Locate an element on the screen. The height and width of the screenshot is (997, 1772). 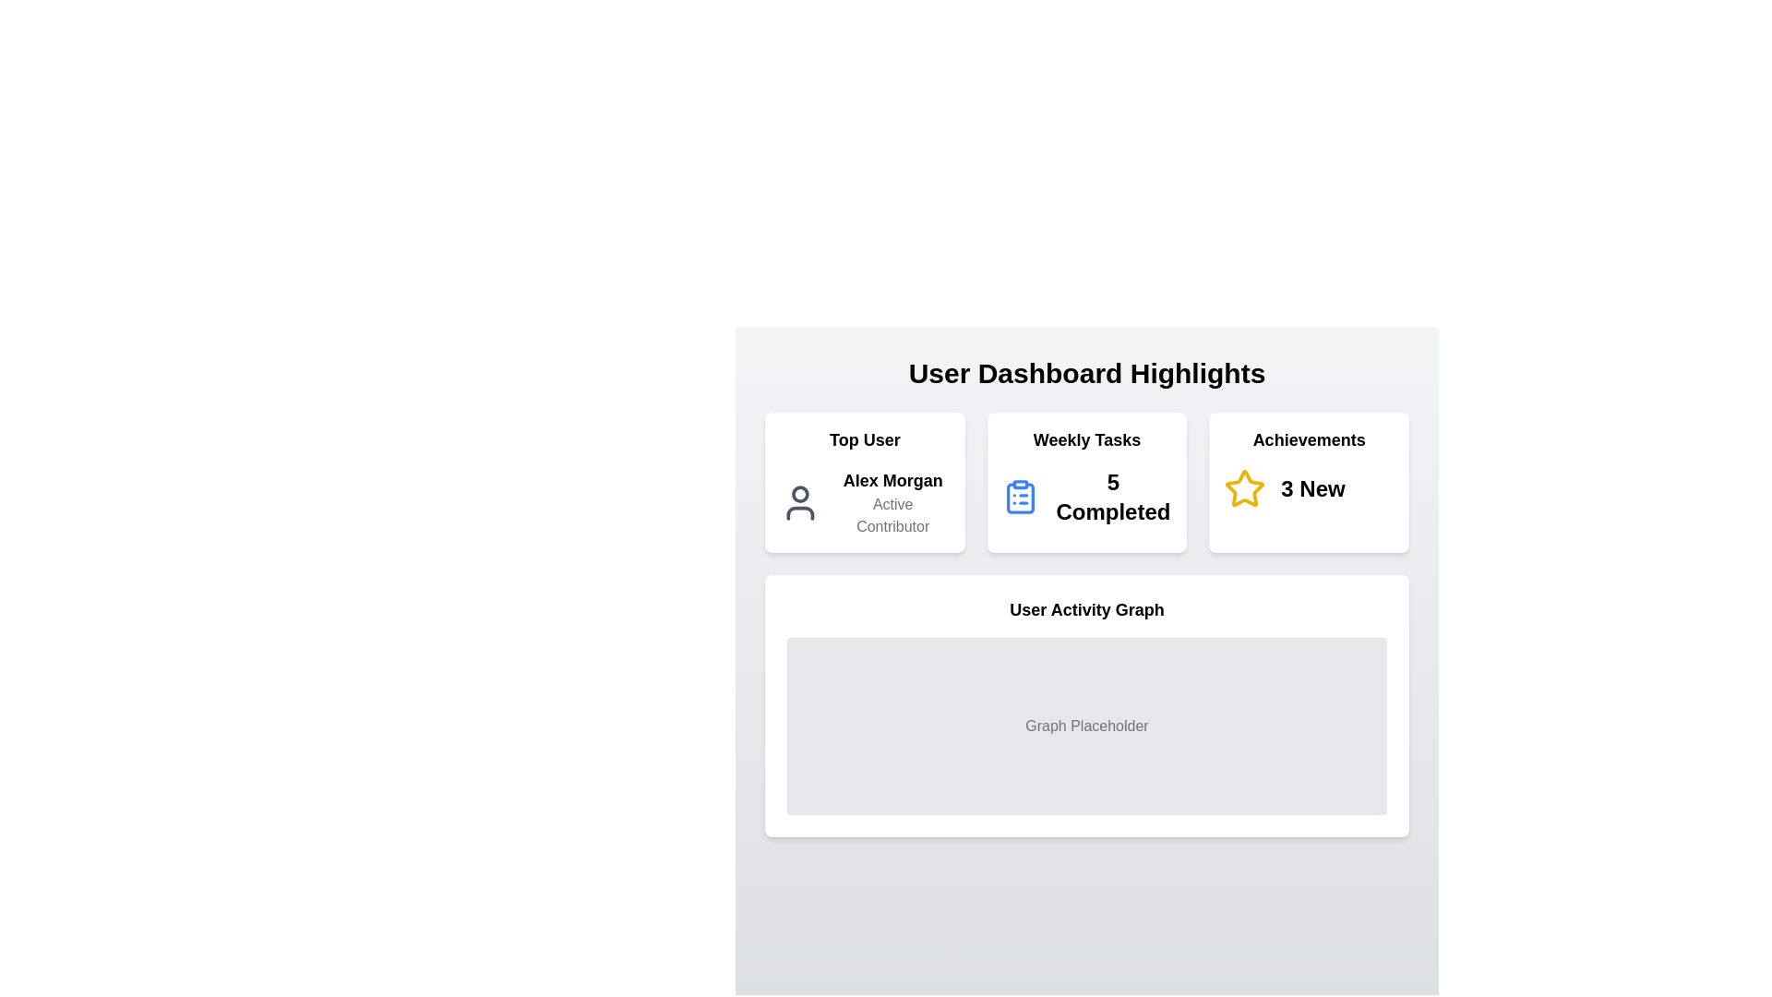
the bold title label reading 'User Dashboard Highlights', which is centered at the top of the dashboard layout is located at coordinates (1086, 374).